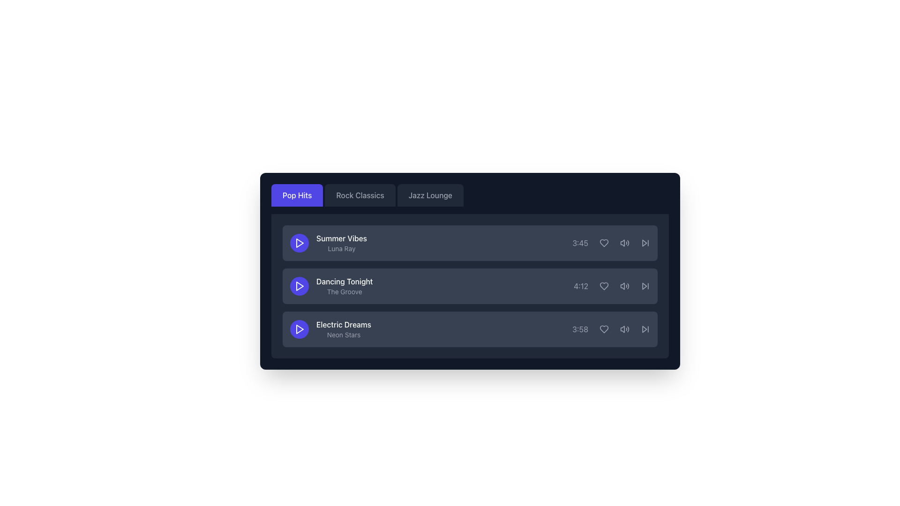 The width and height of the screenshot is (900, 506). What do you see at coordinates (343, 334) in the screenshot?
I see `the text label displaying 'Neon Stars' in light gray color, located below 'Electric Dreams' in the playlist interface` at bounding box center [343, 334].